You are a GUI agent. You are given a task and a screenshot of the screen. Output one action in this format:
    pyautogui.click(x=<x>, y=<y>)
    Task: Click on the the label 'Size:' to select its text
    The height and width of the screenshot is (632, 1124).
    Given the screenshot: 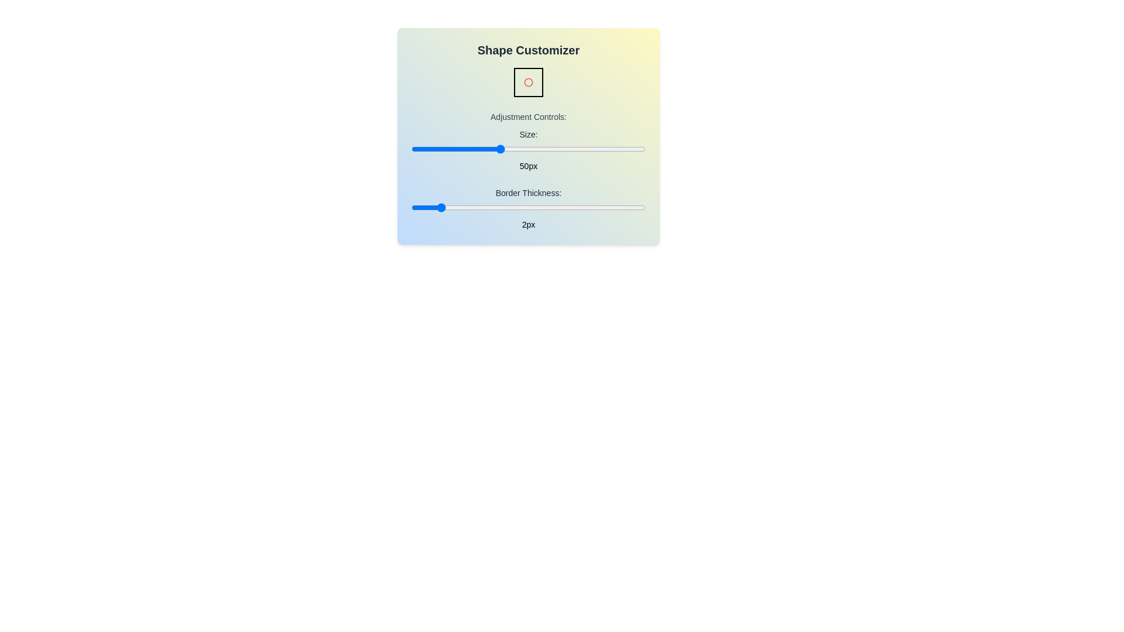 What is the action you would take?
    pyautogui.click(x=527, y=134)
    